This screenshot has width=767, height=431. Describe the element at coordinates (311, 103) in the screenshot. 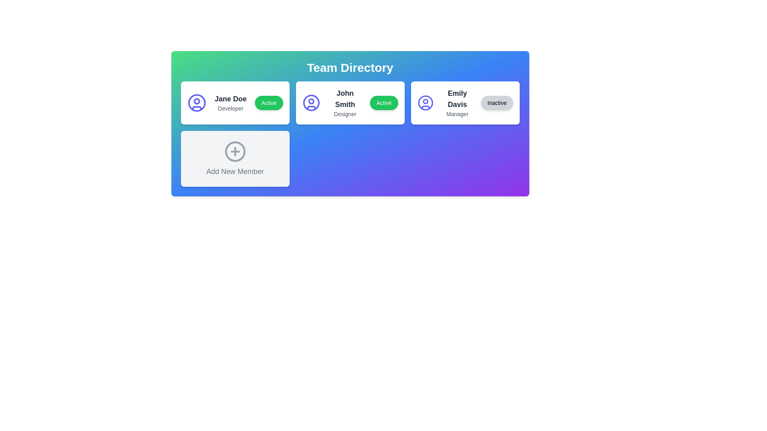

I see `the SVG circle element representing the profile picture of team member 'John Smith', located in the second column of the Team Directory interface` at that location.